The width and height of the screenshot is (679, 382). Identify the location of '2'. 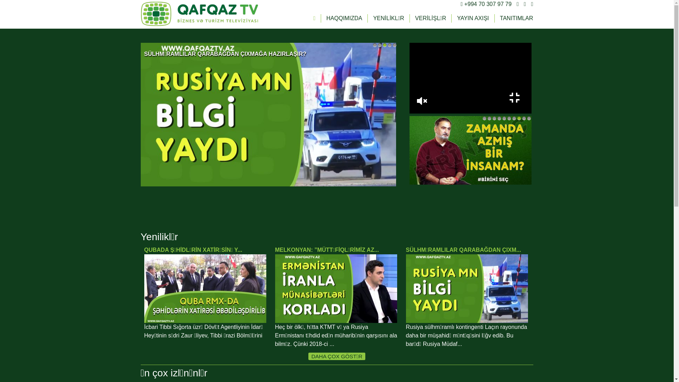
(489, 118).